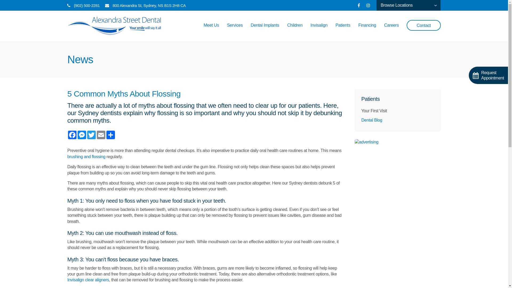 This screenshot has width=512, height=288. I want to click on 'Meet Us', so click(211, 31).